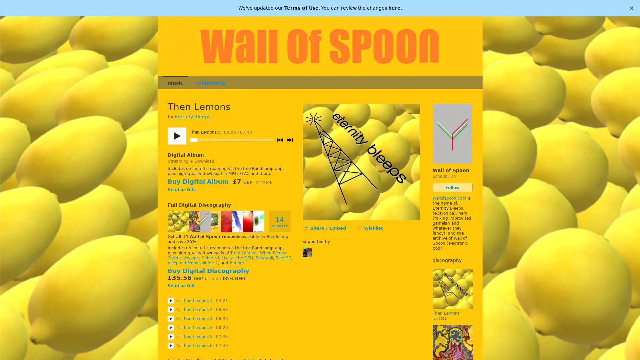 The height and width of the screenshot is (360, 640). I want to click on Play Then Lemons 4, so click(170, 327).